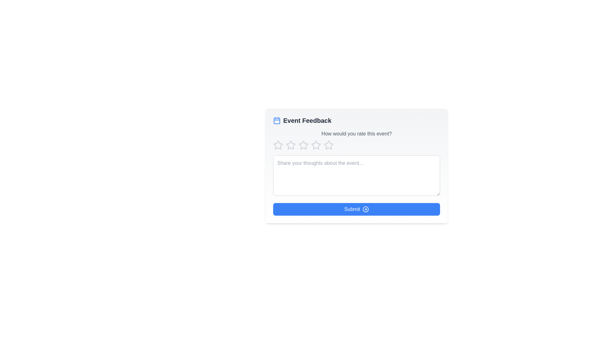  Describe the element at coordinates (357, 134) in the screenshot. I see `the text label that reads 'How would you rate this event?', styled in gray font and centrally aligned above the rating stars in the feedback form interface` at that location.